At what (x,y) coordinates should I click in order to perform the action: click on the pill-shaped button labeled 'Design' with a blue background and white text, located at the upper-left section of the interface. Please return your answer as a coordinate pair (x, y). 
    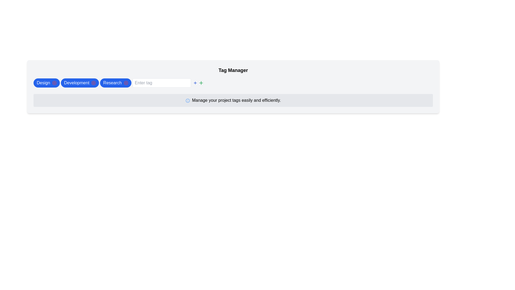
    Looking at the image, I should click on (46, 83).